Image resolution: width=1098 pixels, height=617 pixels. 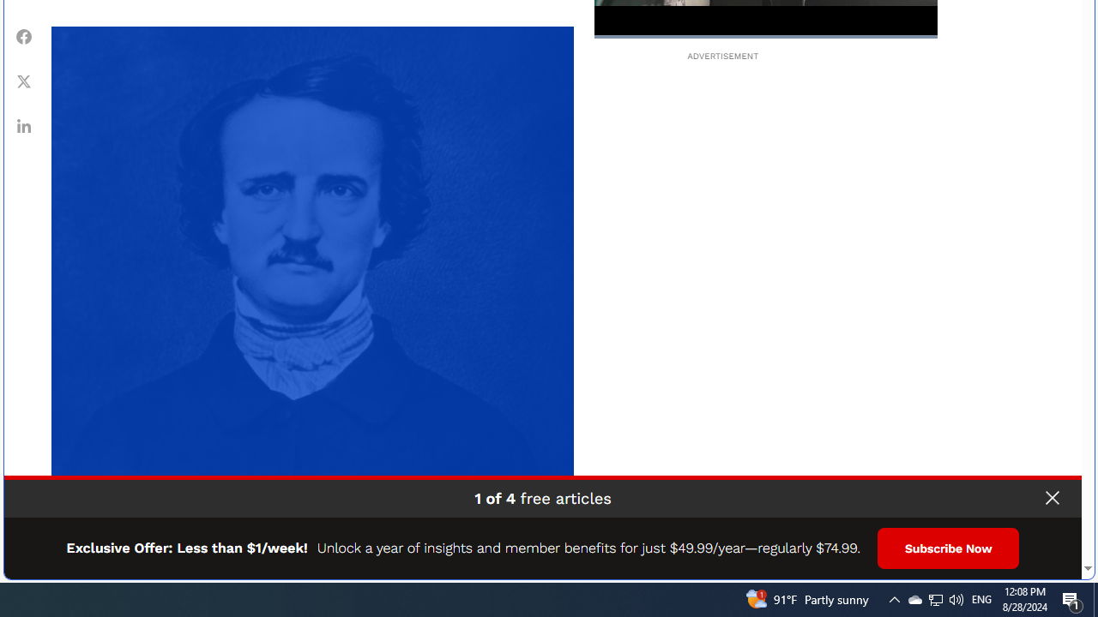 I want to click on 'Portrait of Edgar Allan Poe.', so click(x=312, y=286).